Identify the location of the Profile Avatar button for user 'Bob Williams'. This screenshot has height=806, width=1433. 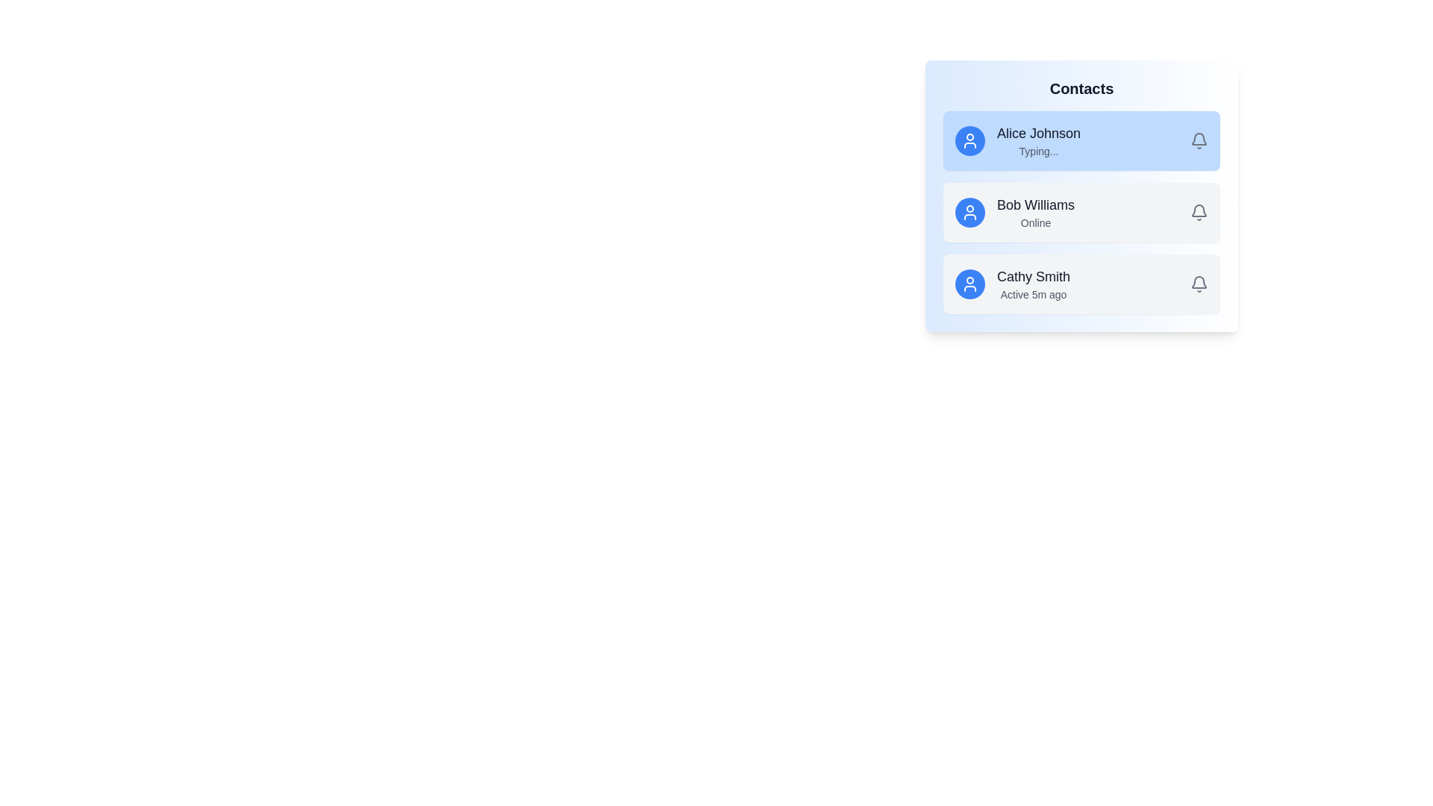
(970, 213).